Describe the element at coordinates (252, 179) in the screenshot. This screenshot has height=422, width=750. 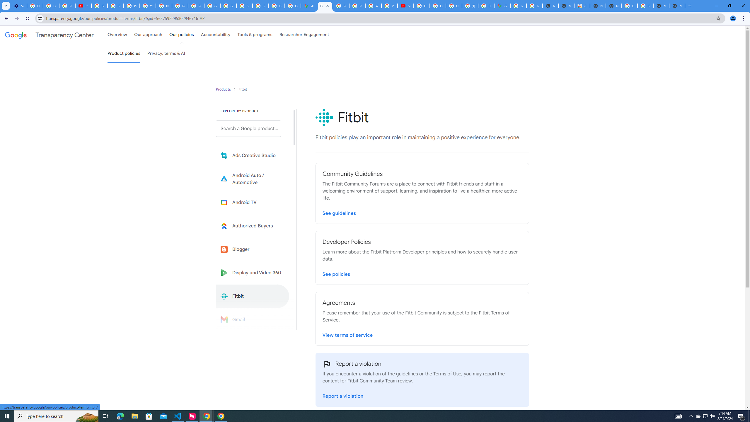
I see `'Learn more about Android Auto'` at that location.